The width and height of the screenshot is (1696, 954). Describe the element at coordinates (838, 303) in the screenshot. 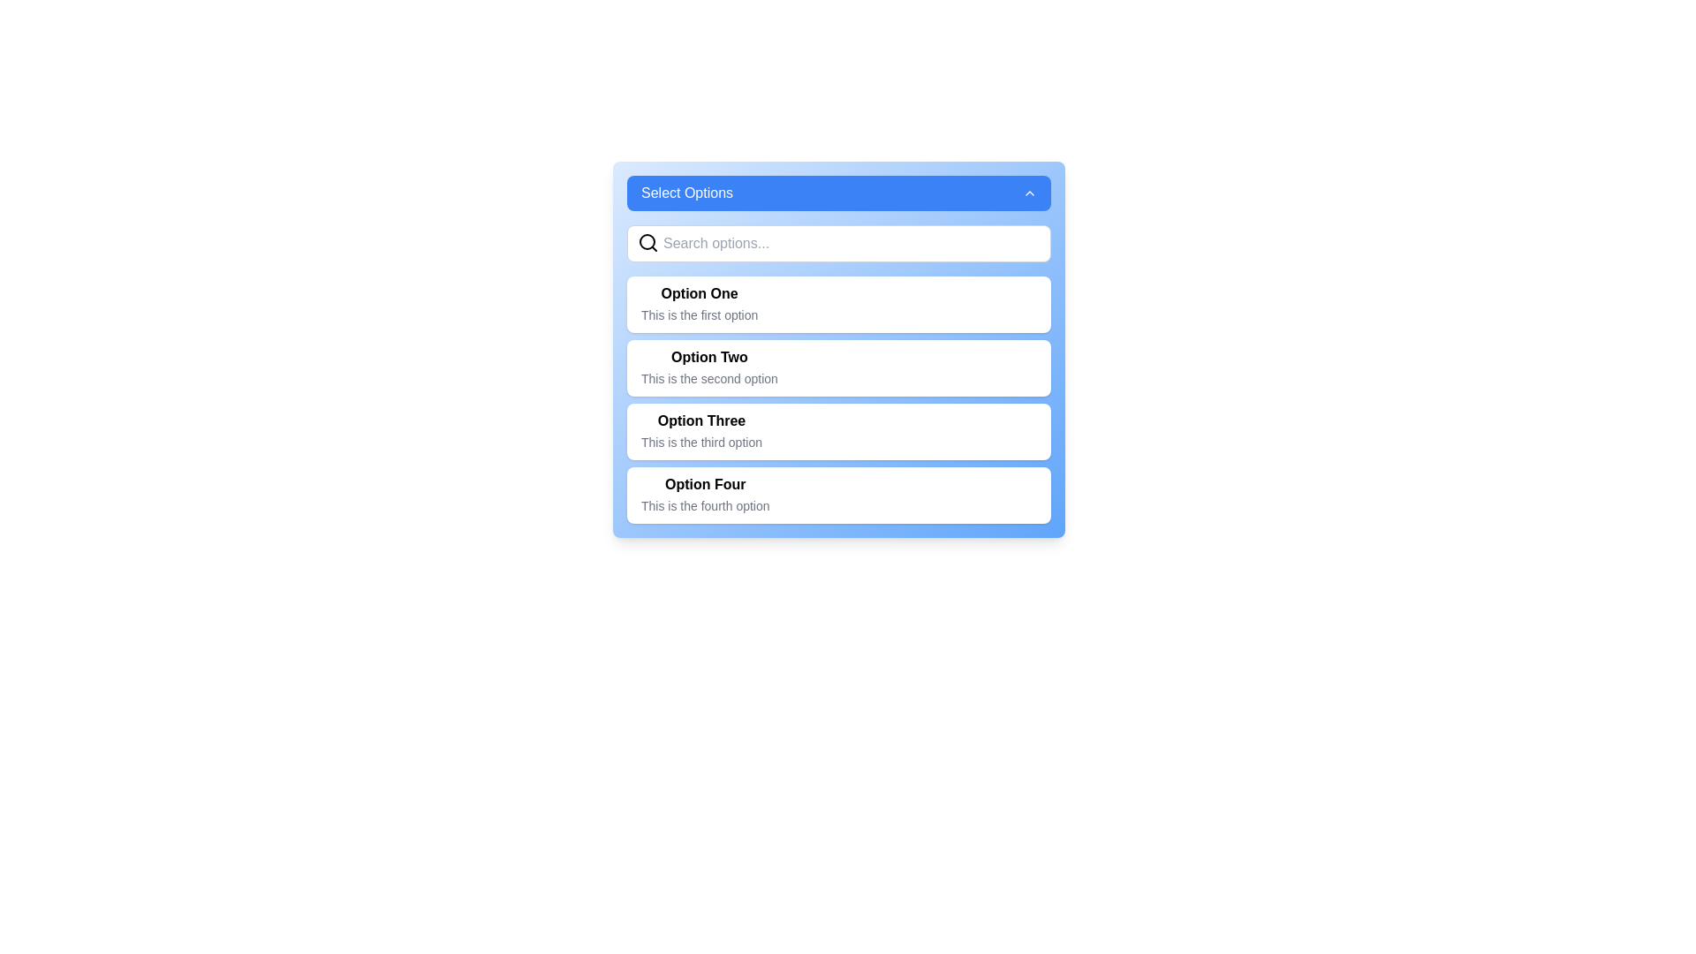

I see `the button labeled 'Option One' which has a white background and rounded corners` at that location.